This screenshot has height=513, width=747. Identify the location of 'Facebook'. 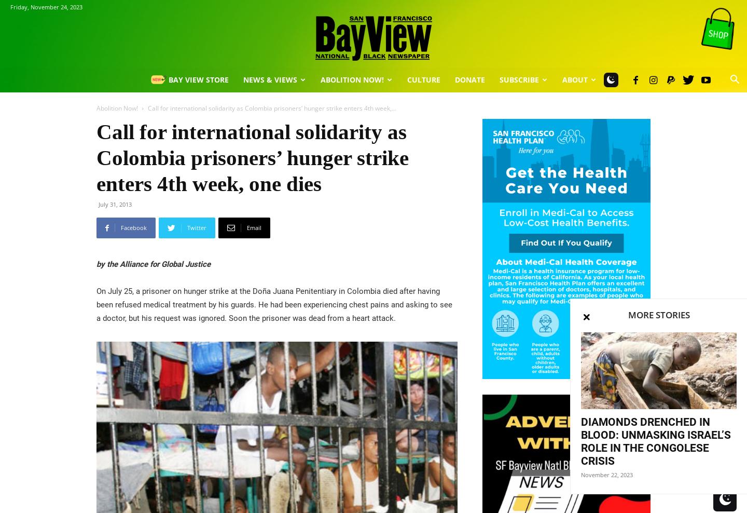
(133, 227).